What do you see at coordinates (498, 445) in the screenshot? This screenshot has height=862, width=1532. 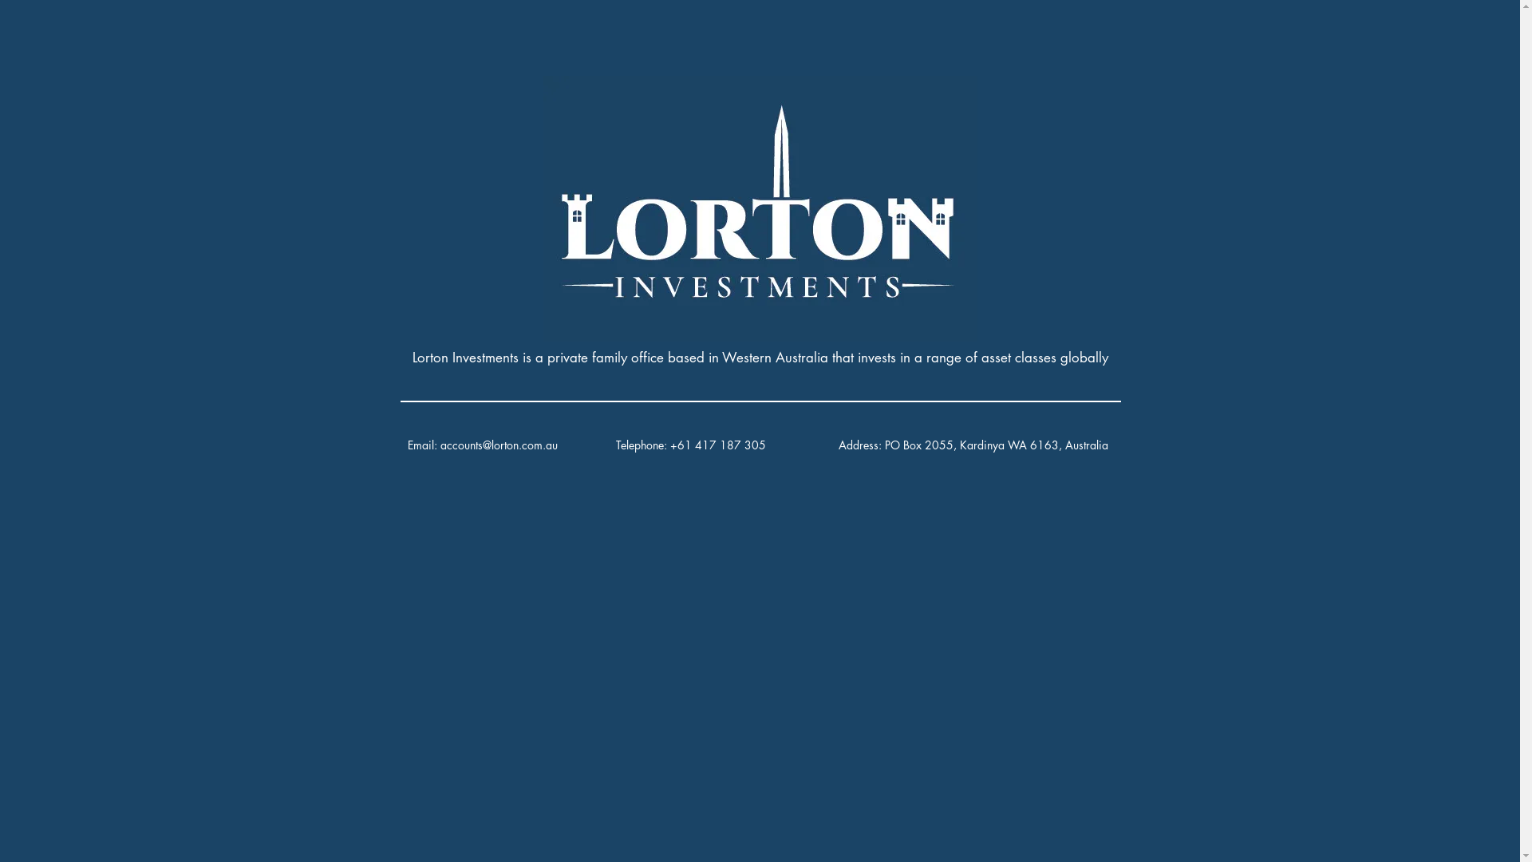 I see `'accounts@lorton.com.au'` at bounding box center [498, 445].